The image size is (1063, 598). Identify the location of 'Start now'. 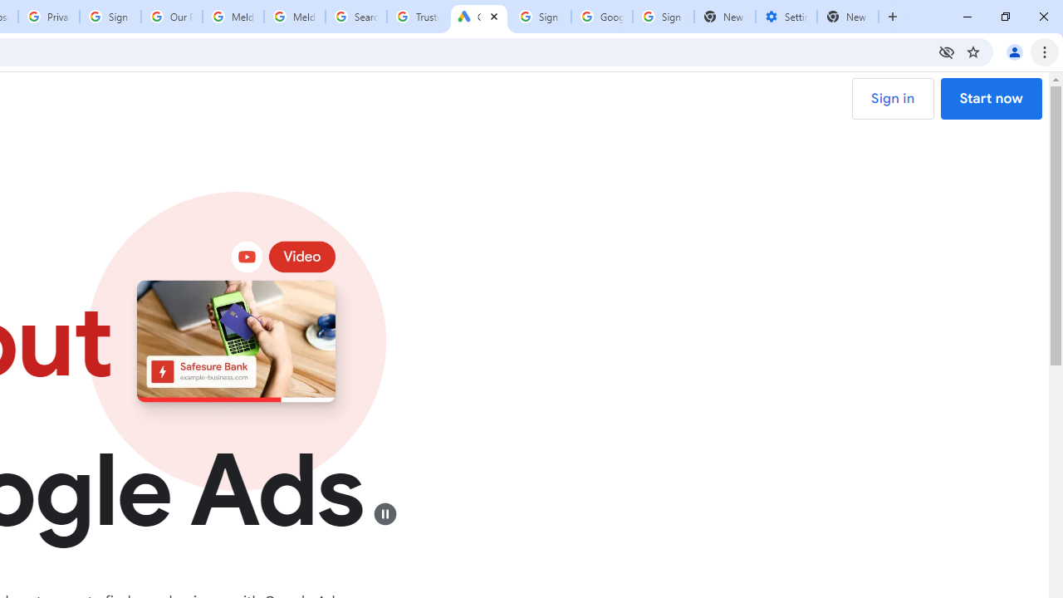
(990, 99).